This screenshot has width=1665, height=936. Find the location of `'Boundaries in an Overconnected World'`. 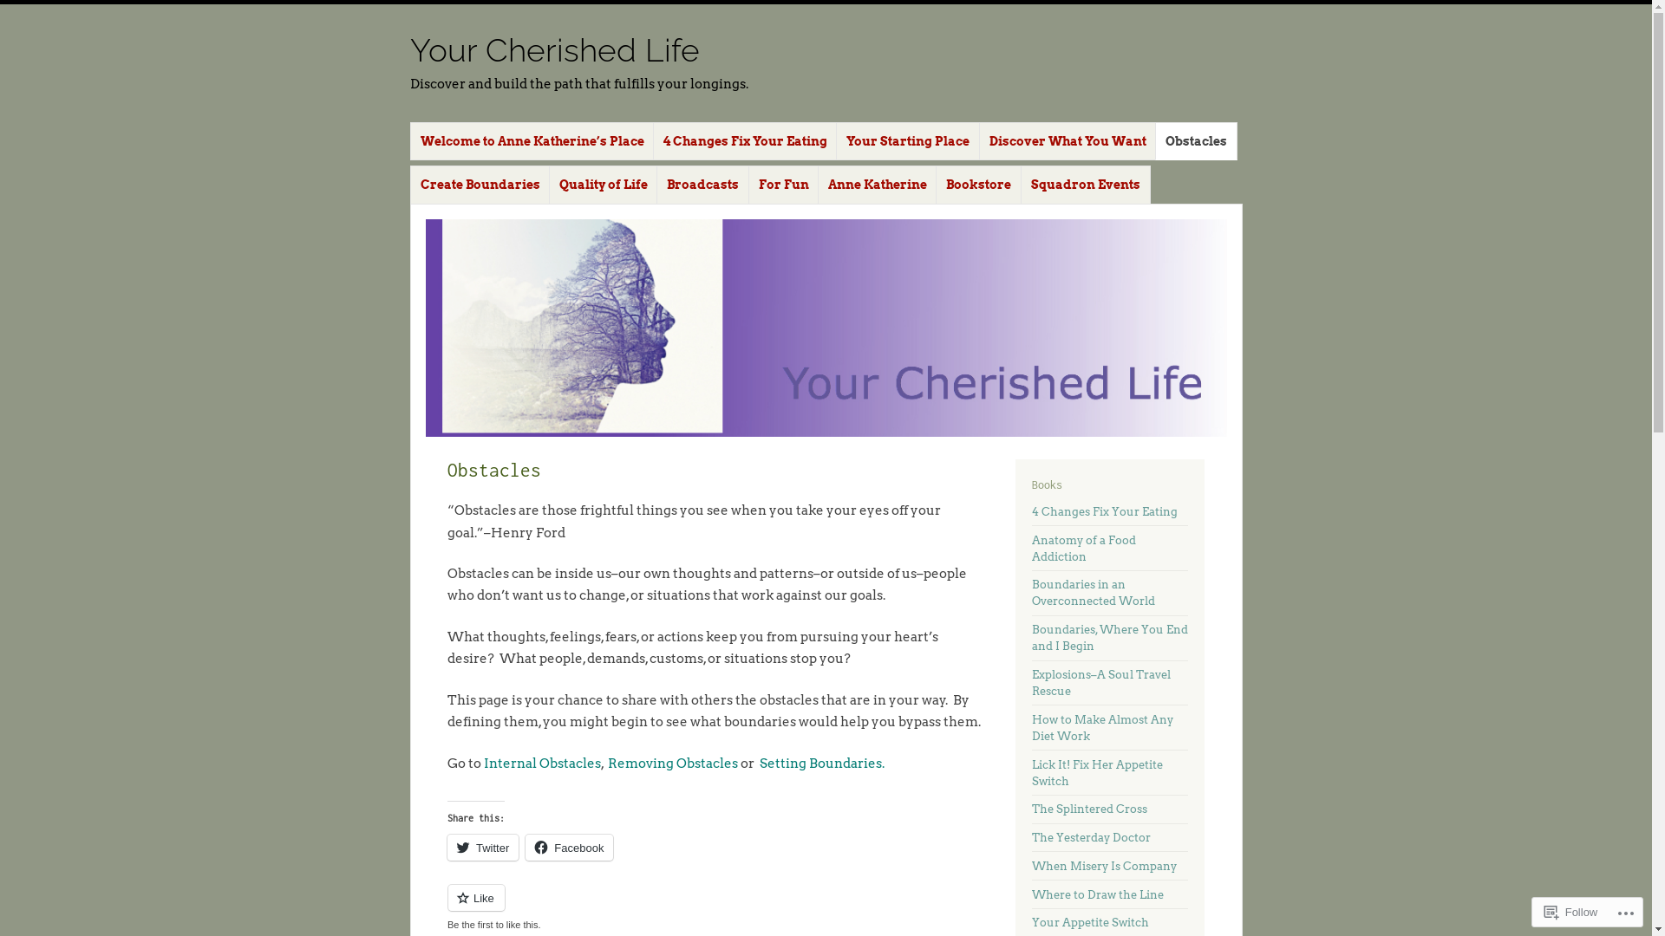

'Boundaries in an Overconnected World' is located at coordinates (1032, 591).